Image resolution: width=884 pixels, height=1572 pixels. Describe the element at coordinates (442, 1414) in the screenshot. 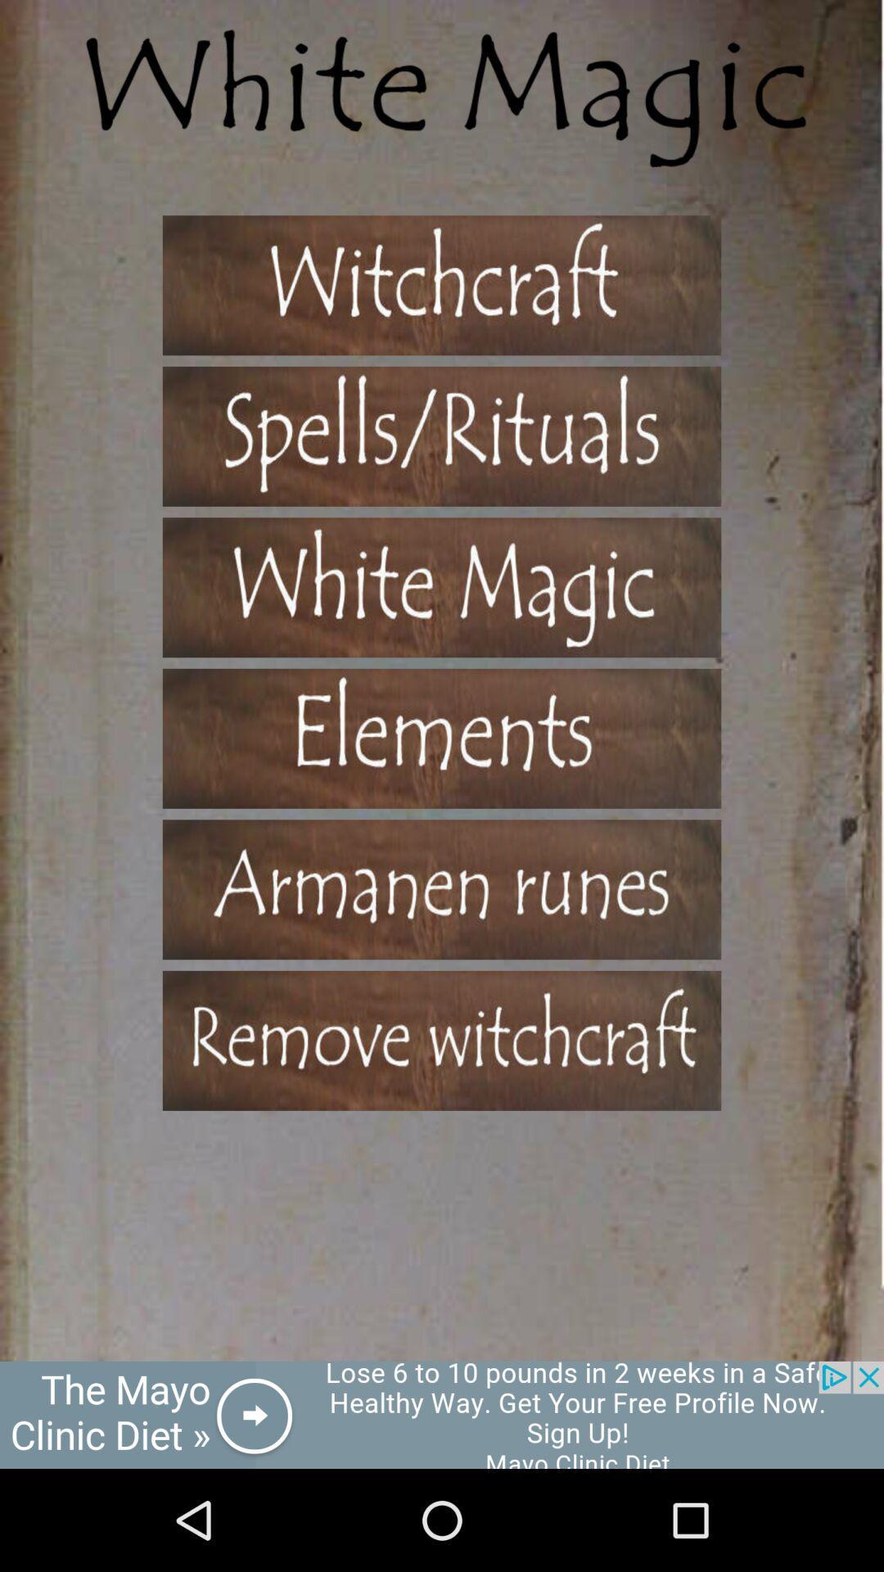

I see `open advertisement` at that location.